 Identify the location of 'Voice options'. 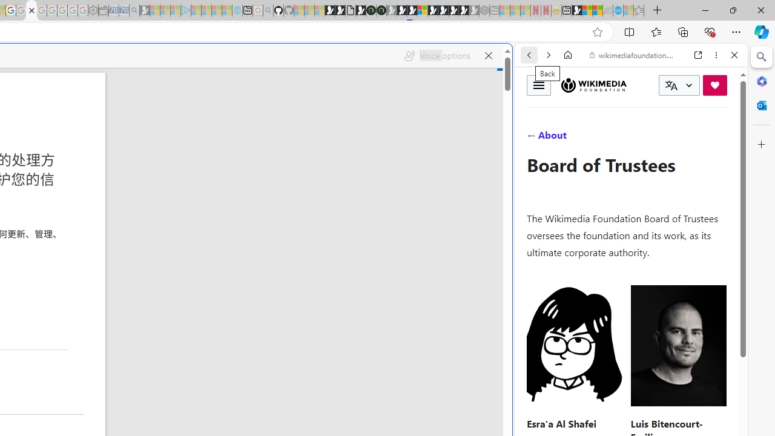
(436, 56).